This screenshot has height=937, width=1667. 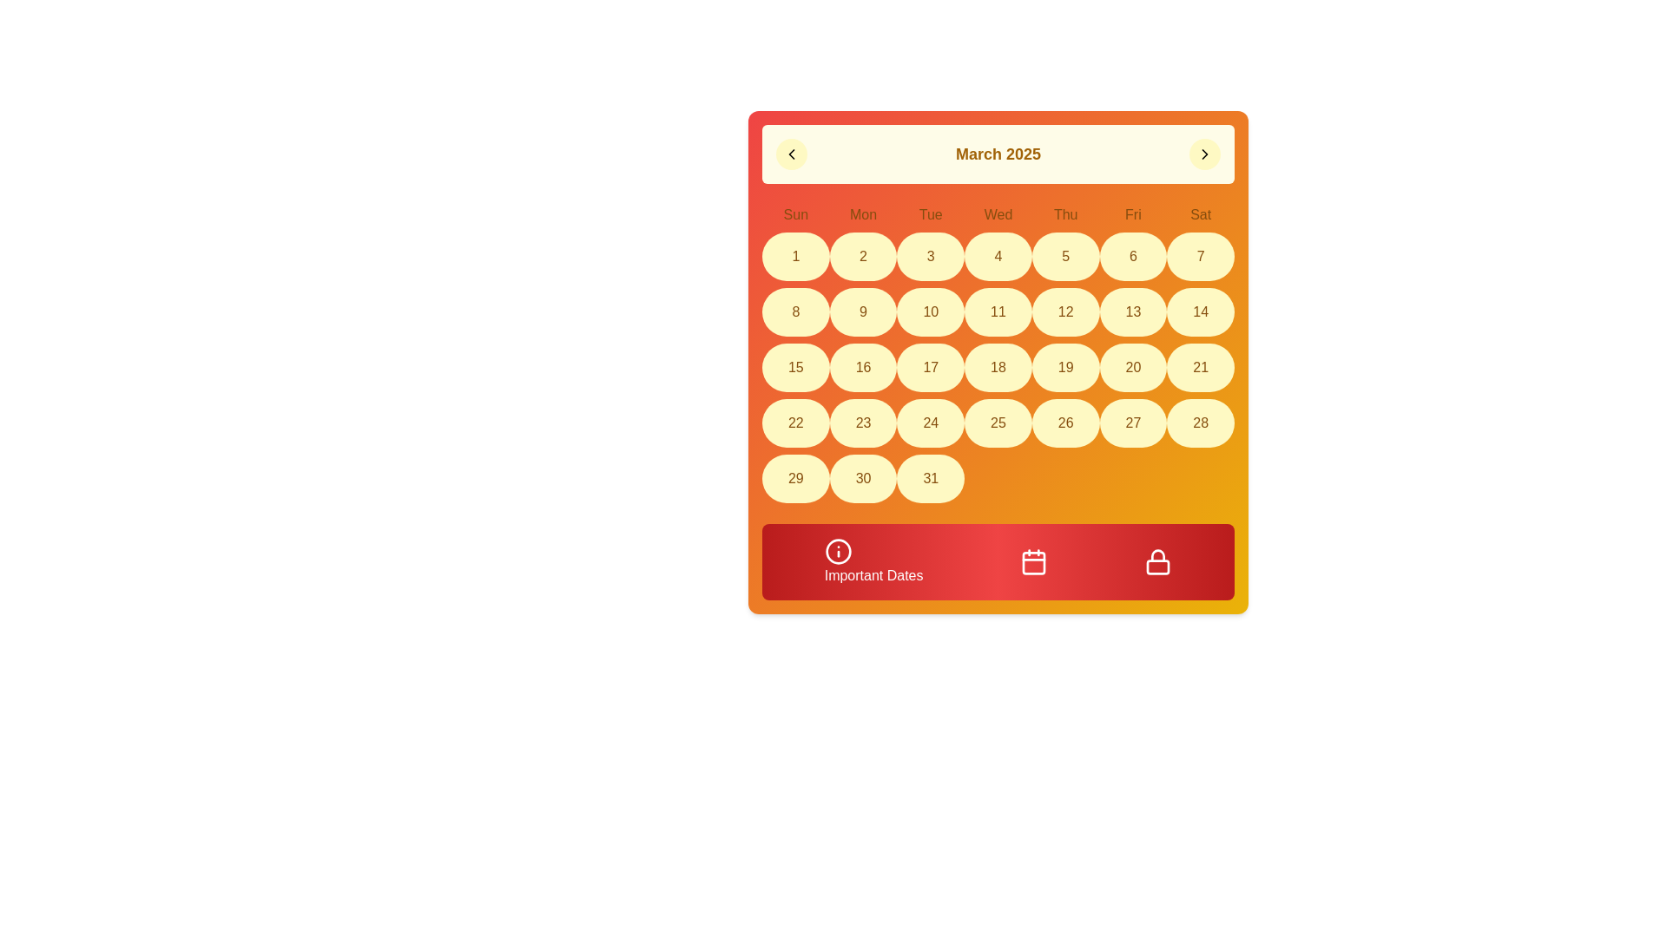 I want to click on the circular Textual Display element with the number '23' in a brown font, so click(x=863, y=423).